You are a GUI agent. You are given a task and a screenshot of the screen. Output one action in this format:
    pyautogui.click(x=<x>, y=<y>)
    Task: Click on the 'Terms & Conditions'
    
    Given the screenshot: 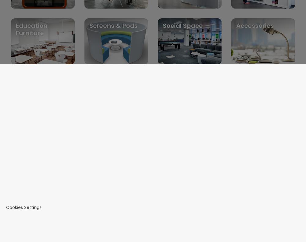 What is the action you would take?
    pyautogui.click(x=42, y=172)
    